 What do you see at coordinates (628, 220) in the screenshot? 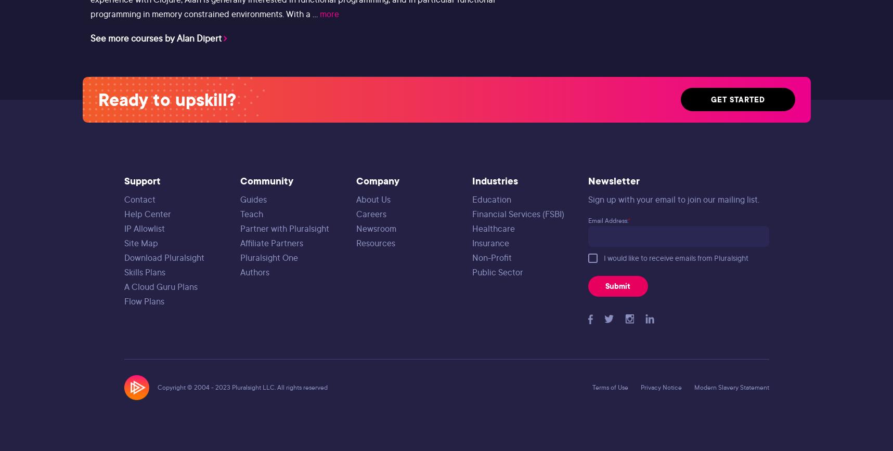
I see `'*'` at bounding box center [628, 220].